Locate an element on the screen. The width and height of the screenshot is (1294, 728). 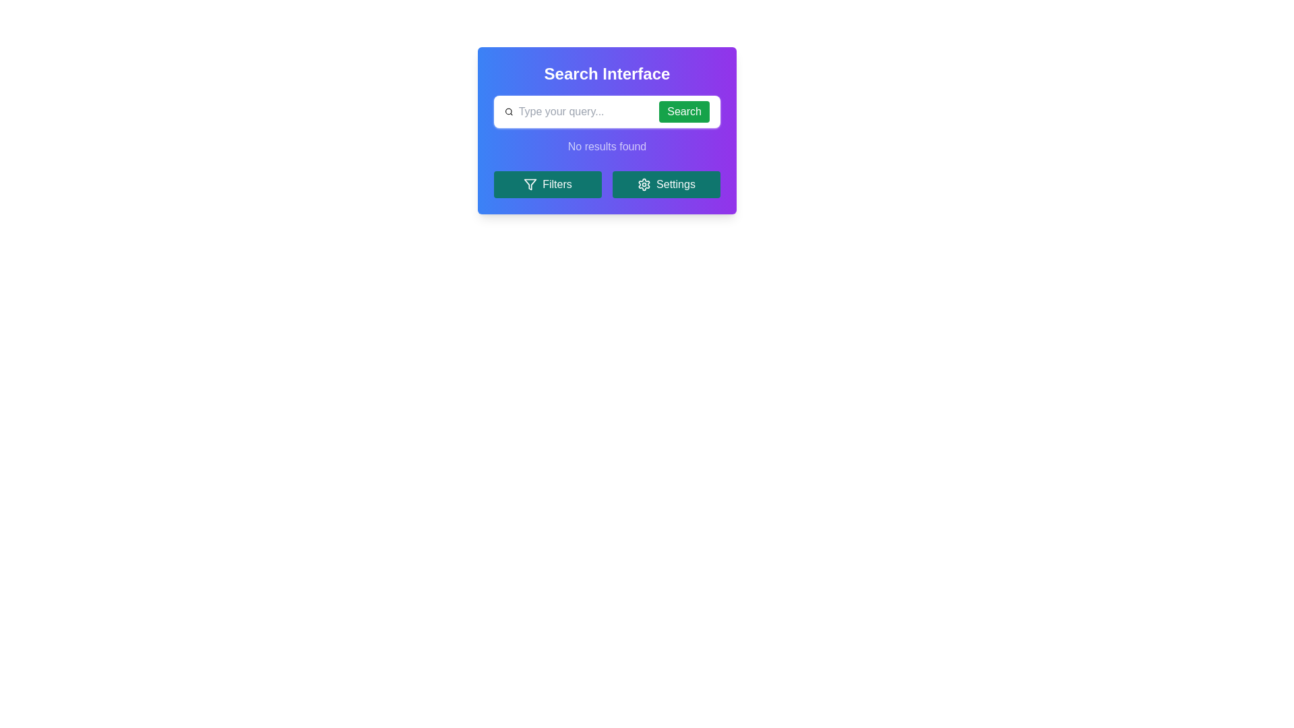
the green funnel-shaped filter icon located within the 'Filters' button on the bottom left area of the interface is located at coordinates (530, 184).